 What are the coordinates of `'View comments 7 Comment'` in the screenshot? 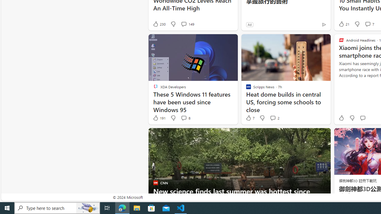 It's located at (369, 24).